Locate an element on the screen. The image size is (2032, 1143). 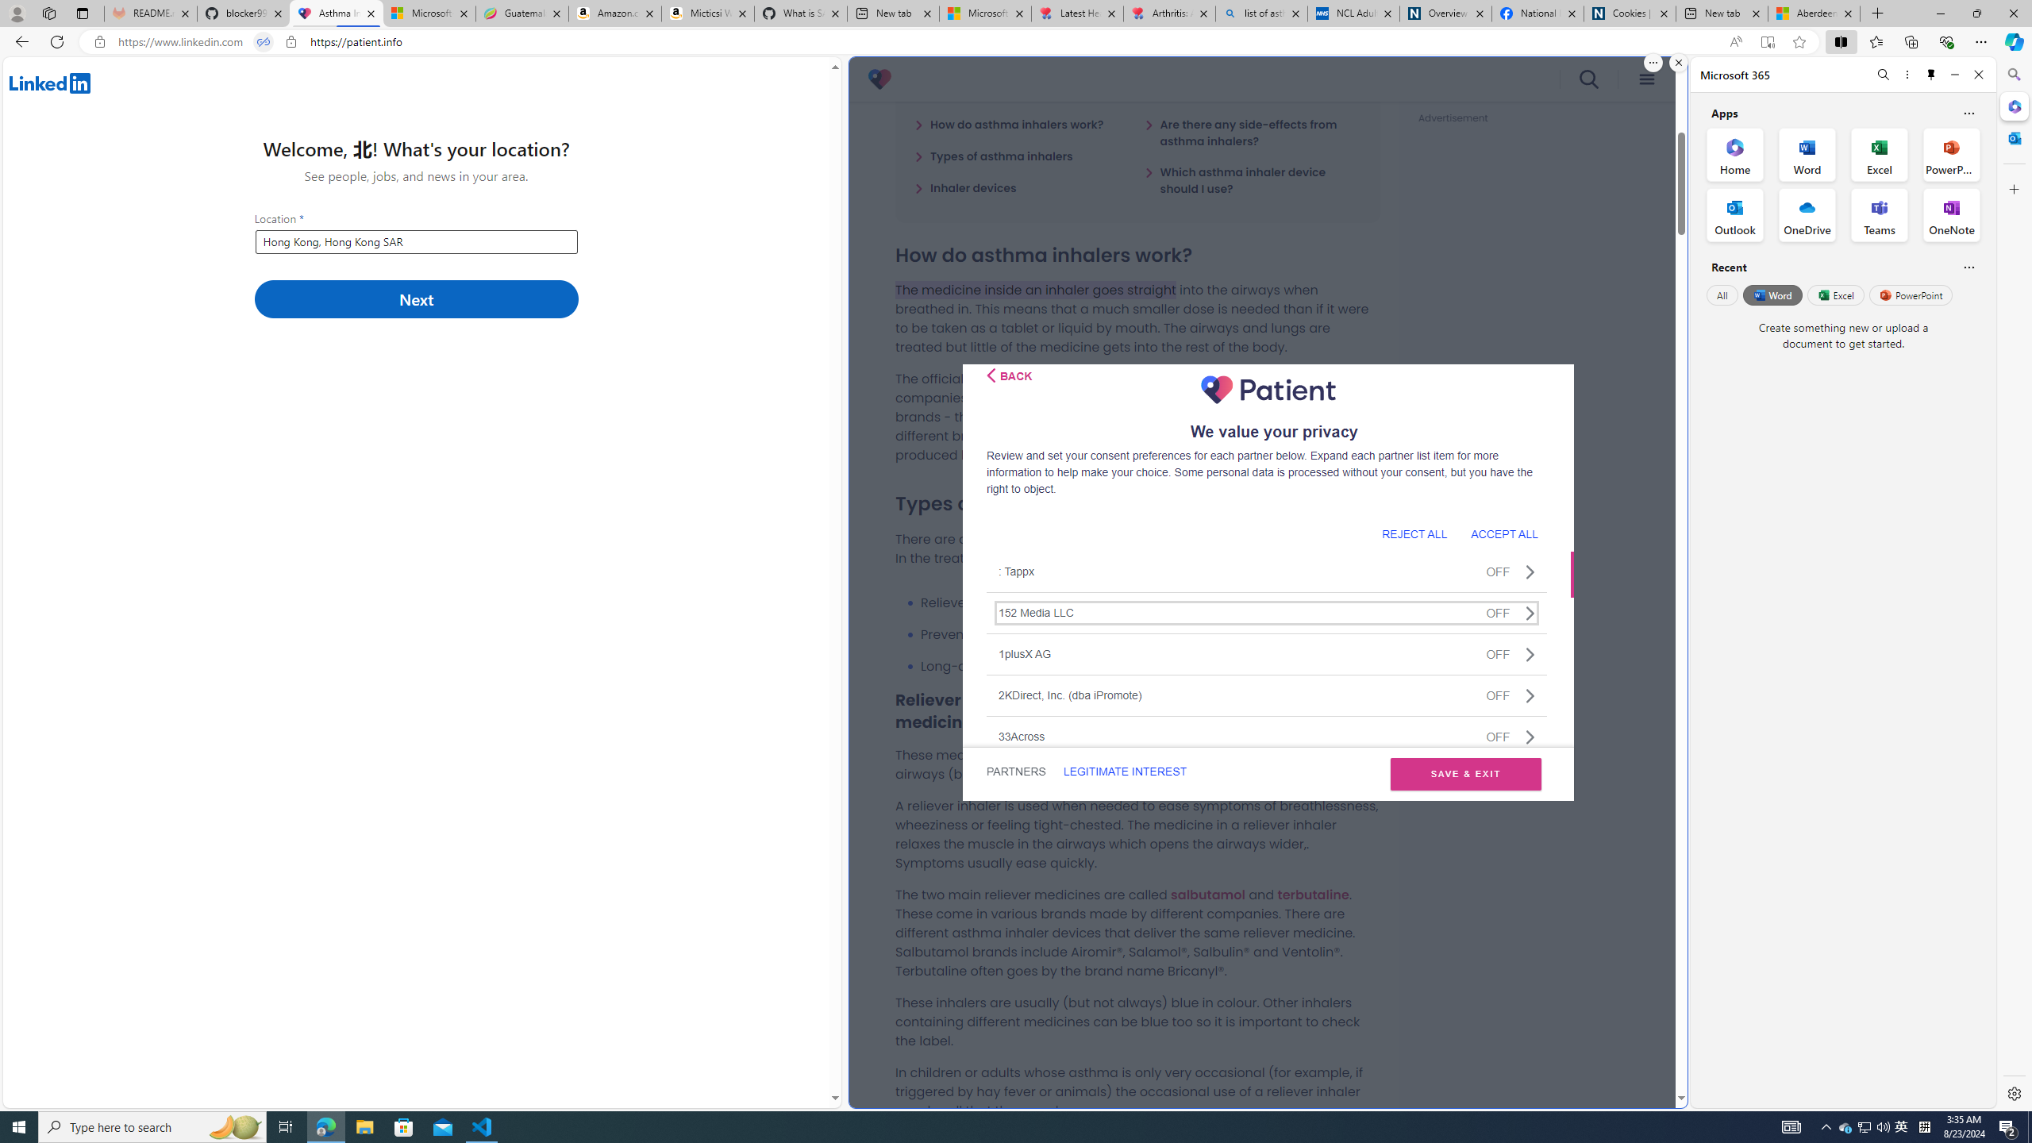
'Cookies | About | NICE' is located at coordinates (1630, 13).